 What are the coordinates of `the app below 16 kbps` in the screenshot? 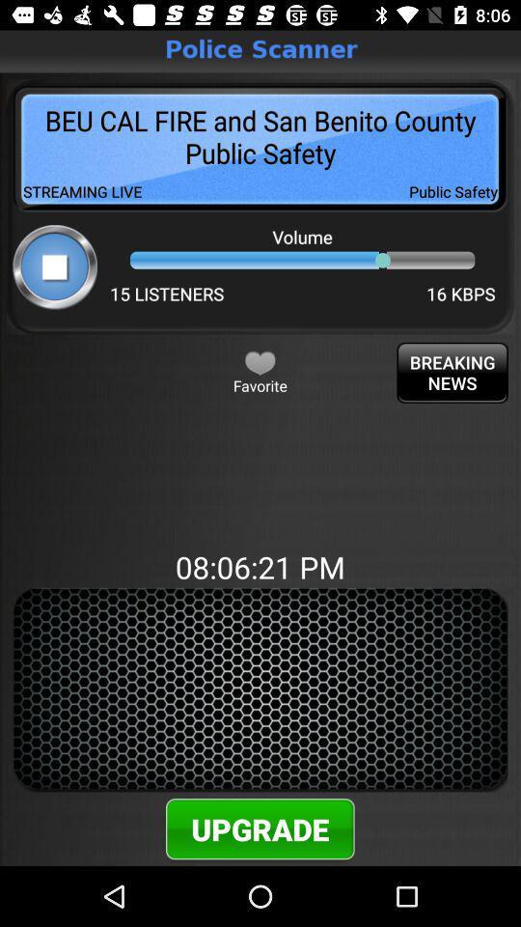 It's located at (452, 372).